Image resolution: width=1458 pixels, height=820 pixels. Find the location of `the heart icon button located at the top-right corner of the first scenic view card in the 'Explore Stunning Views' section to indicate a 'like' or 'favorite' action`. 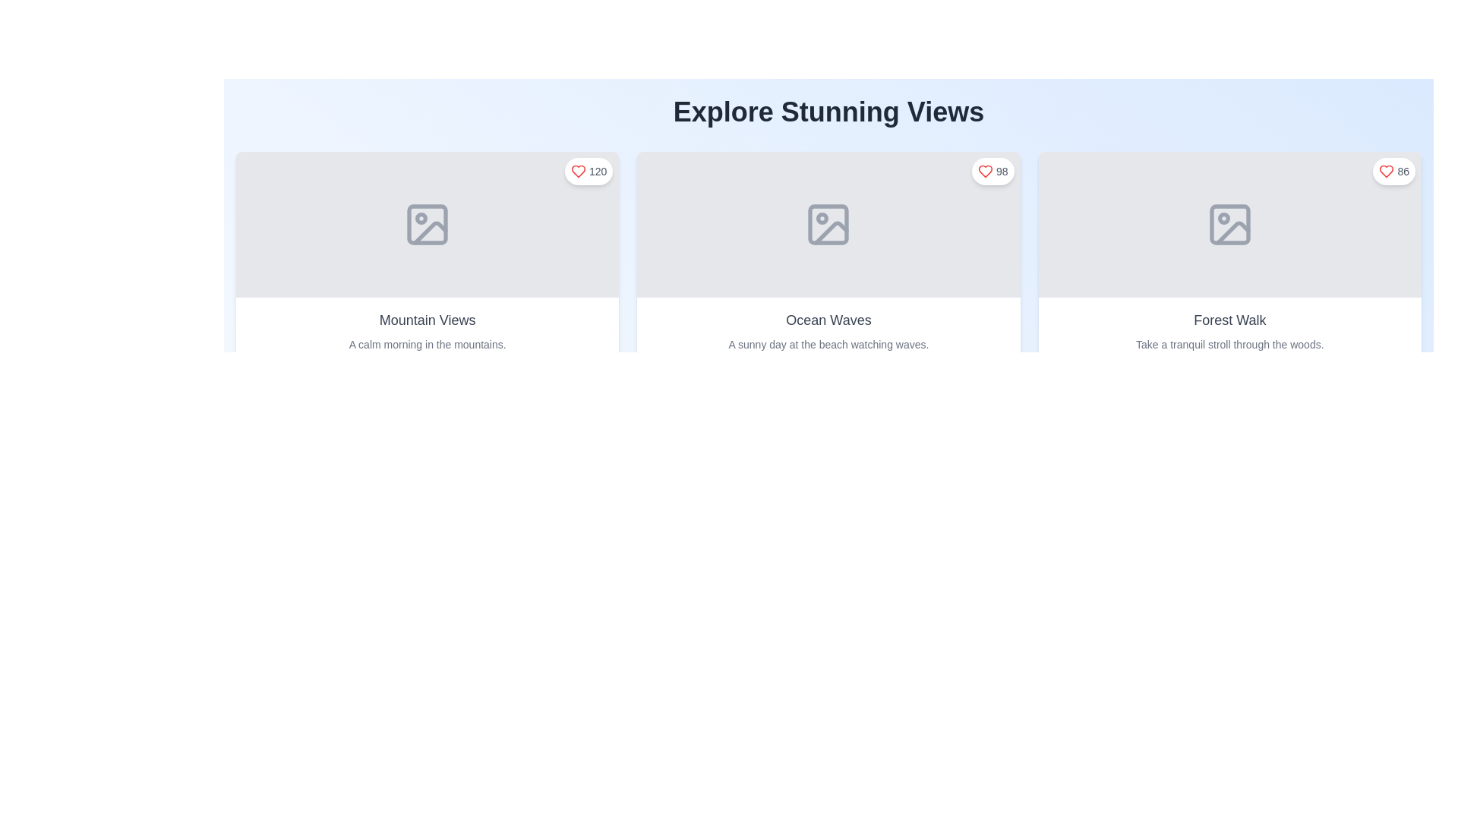

the heart icon button located at the top-right corner of the first scenic view card in the 'Explore Stunning Views' section to indicate a 'like' or 'favorite' action is located at coordinates (578, 171).